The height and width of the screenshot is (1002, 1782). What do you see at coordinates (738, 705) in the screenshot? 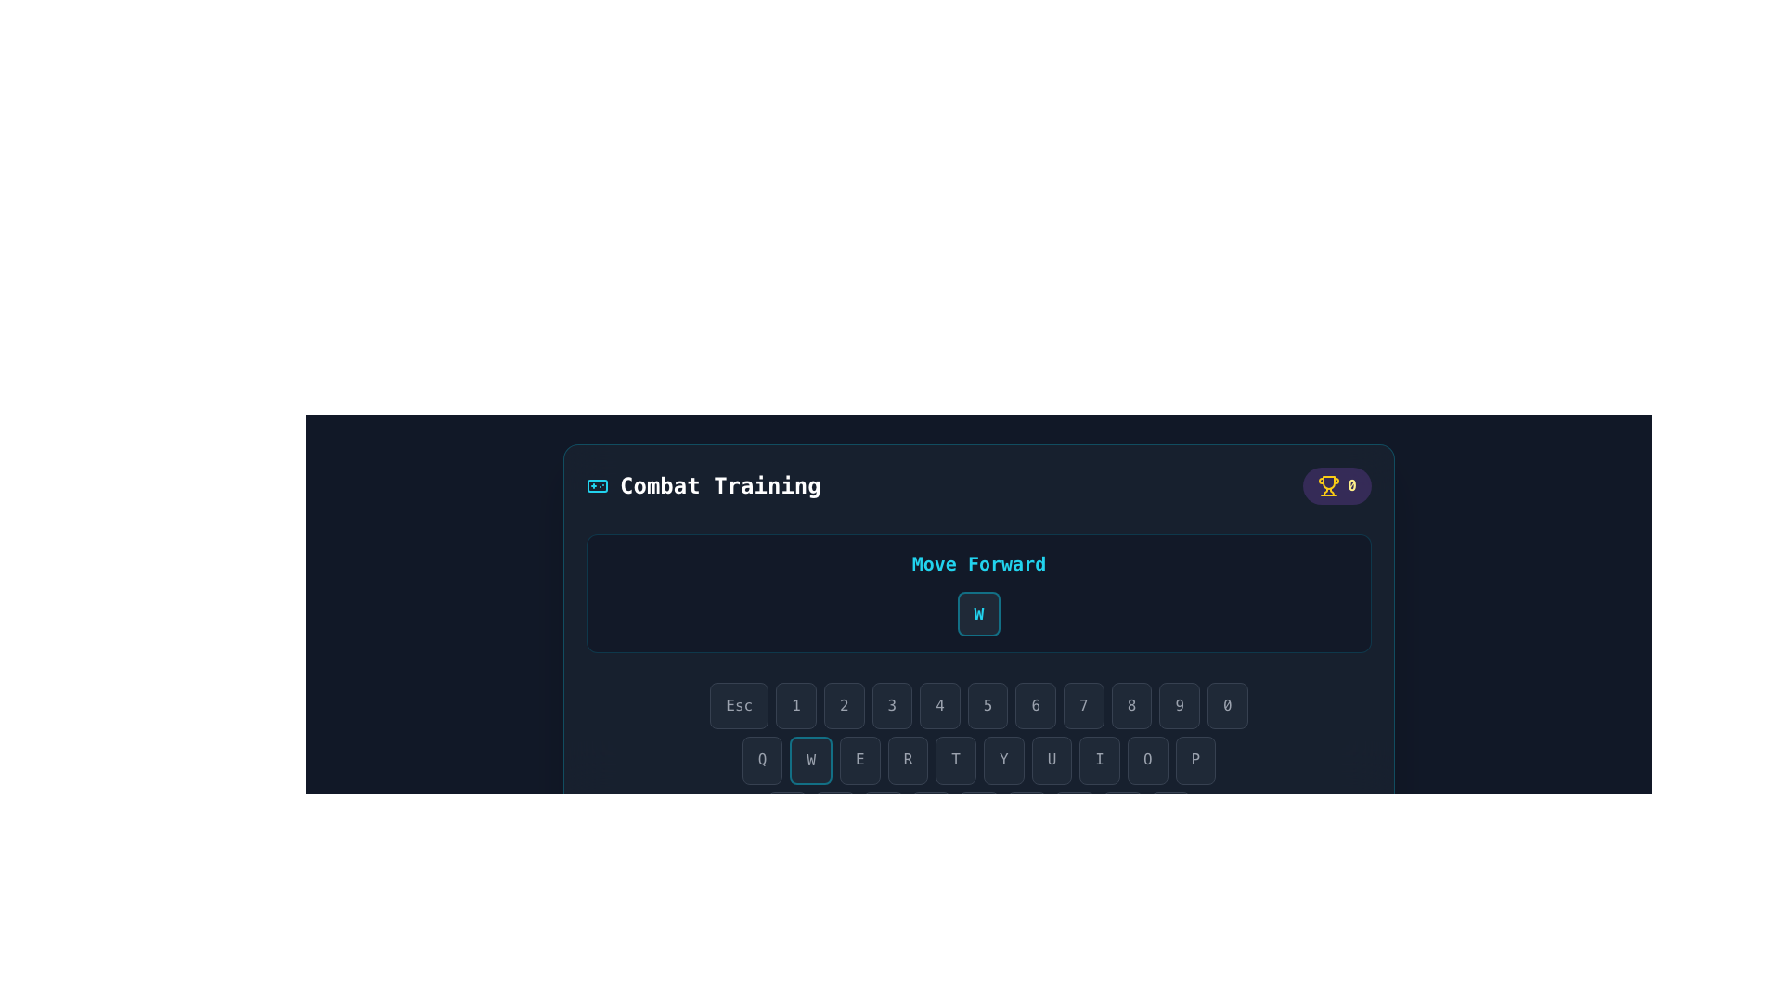
I see `the 'Esc' button, a rectangular button with rounded corners and gray text, located in the bottom-left sector of the virtual keyboard` at bounding box center [738, 705].